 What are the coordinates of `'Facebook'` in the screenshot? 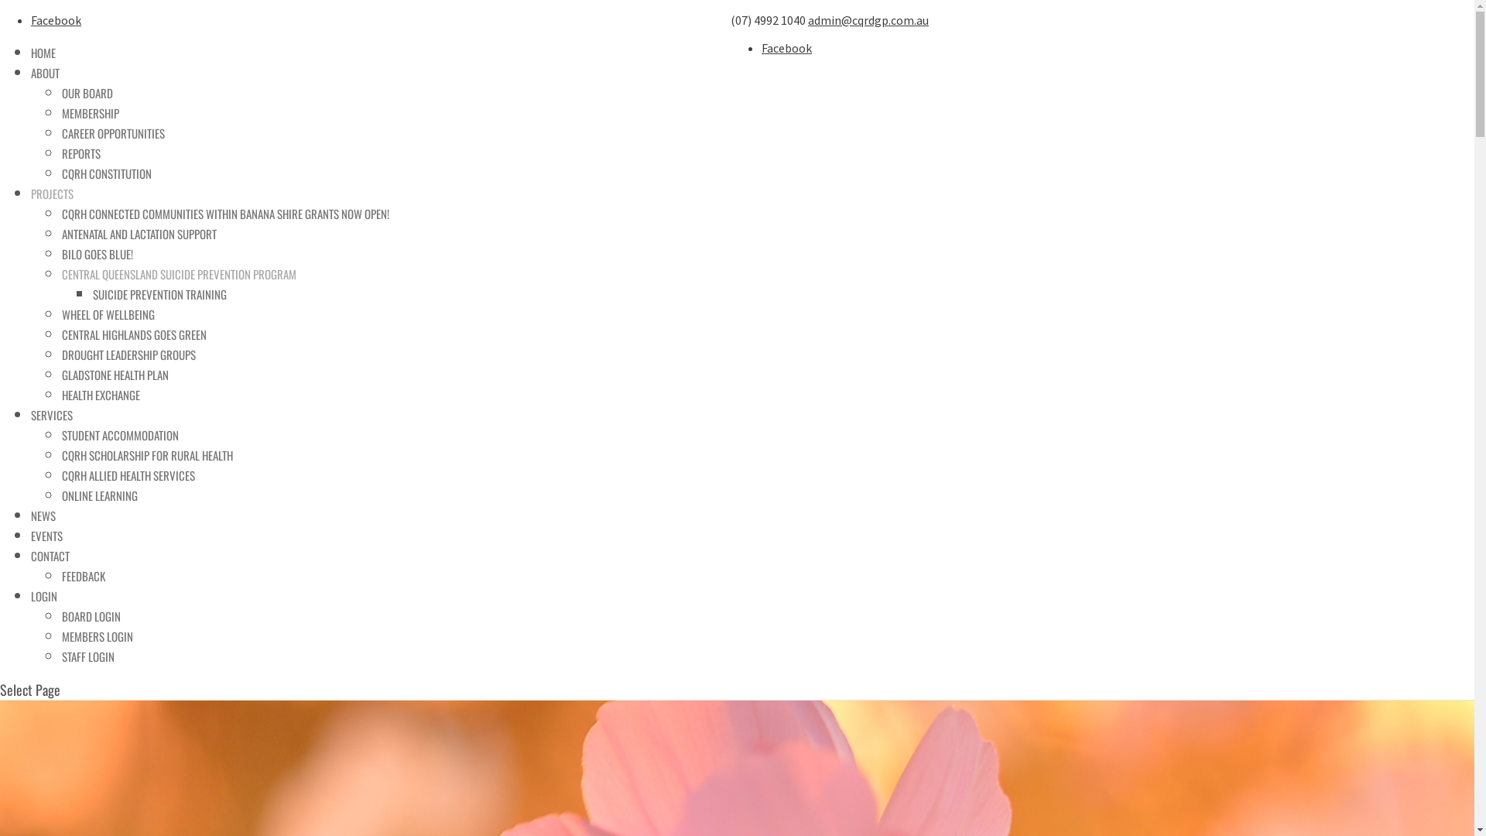 It's located at (786, 46).